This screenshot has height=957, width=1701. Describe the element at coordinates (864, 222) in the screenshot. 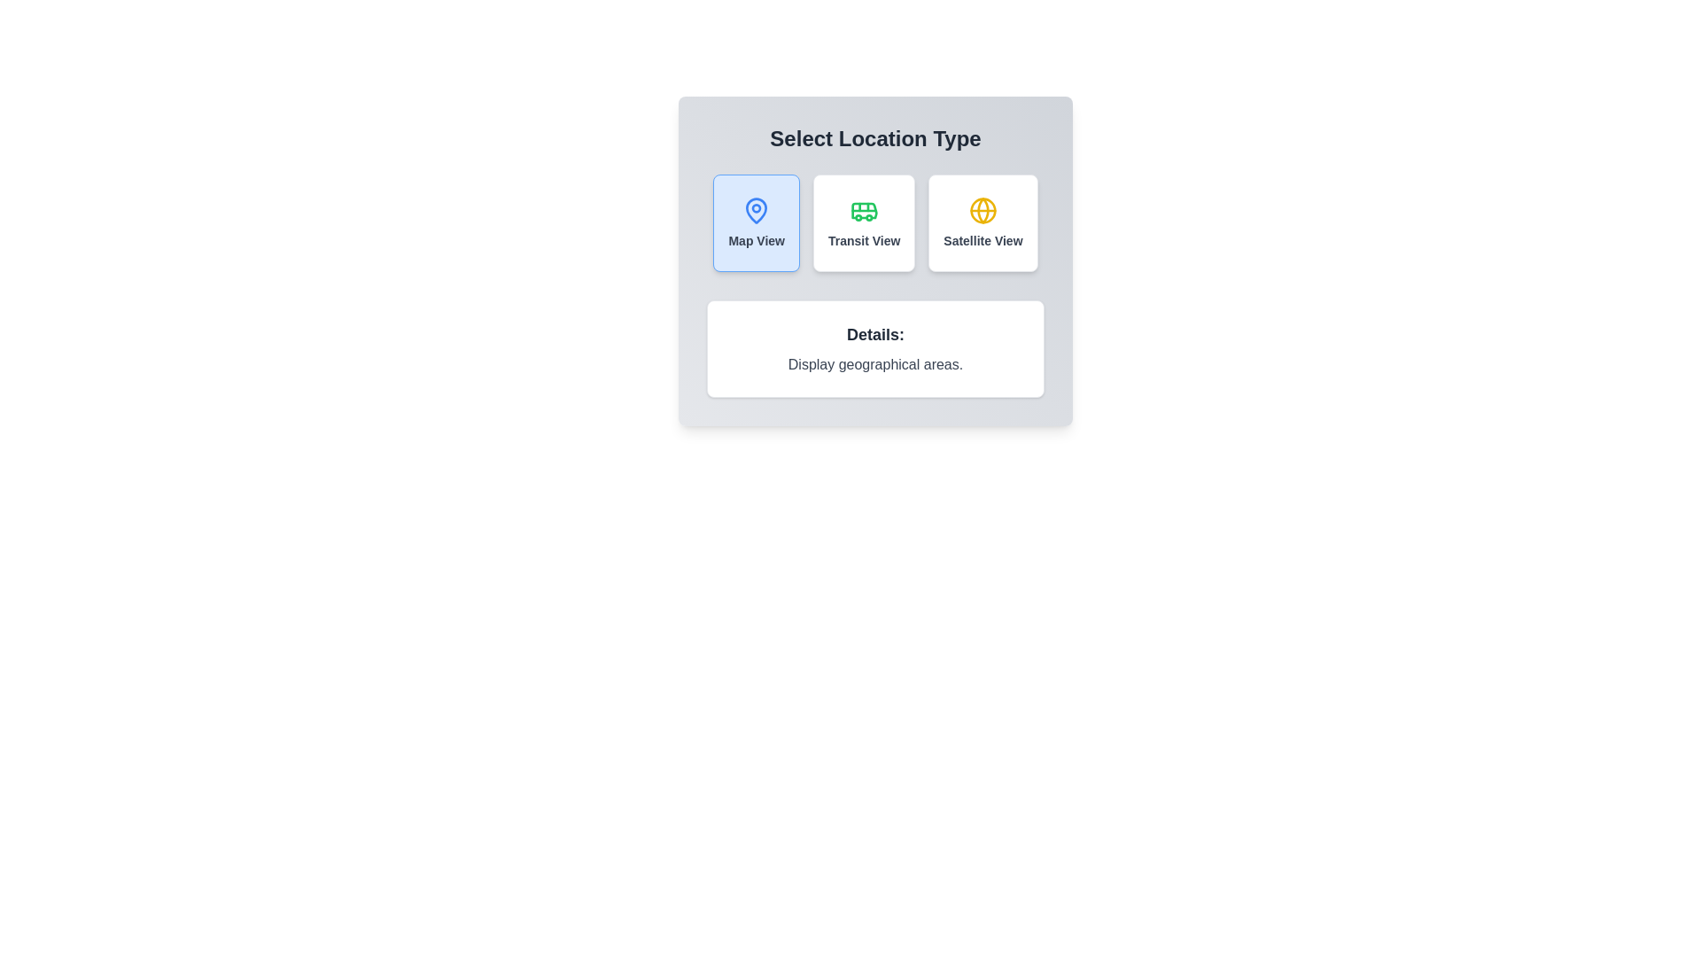

I see `the 'Transit View' button-like tile, which is a rectangular tile with a green bus icon and the label 'Transit View' in dark gray, to observe the scale effect` at that location.